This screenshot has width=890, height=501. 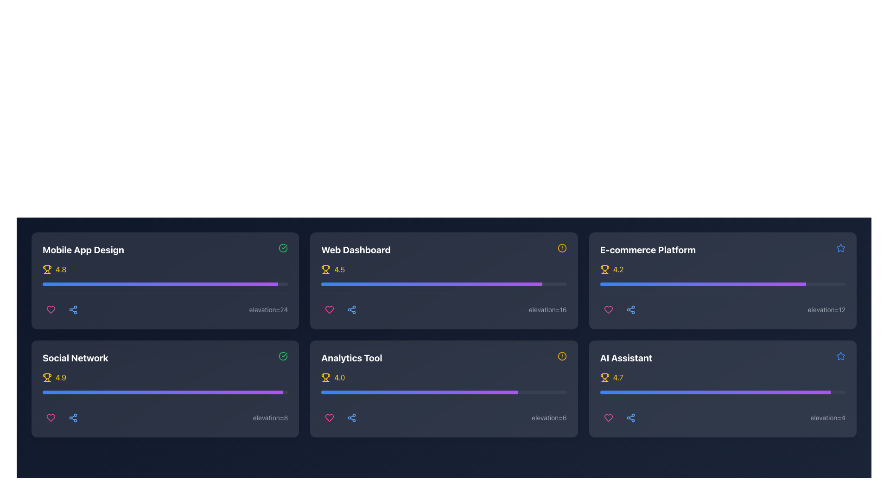 What do you see at coordinates (46, 270) in the screenshot?
I see `the trophy icon representing the achievement for the 'Mobile App Design' card, located in the top row and first column of the grid layout` at bounding box center [46, 270].